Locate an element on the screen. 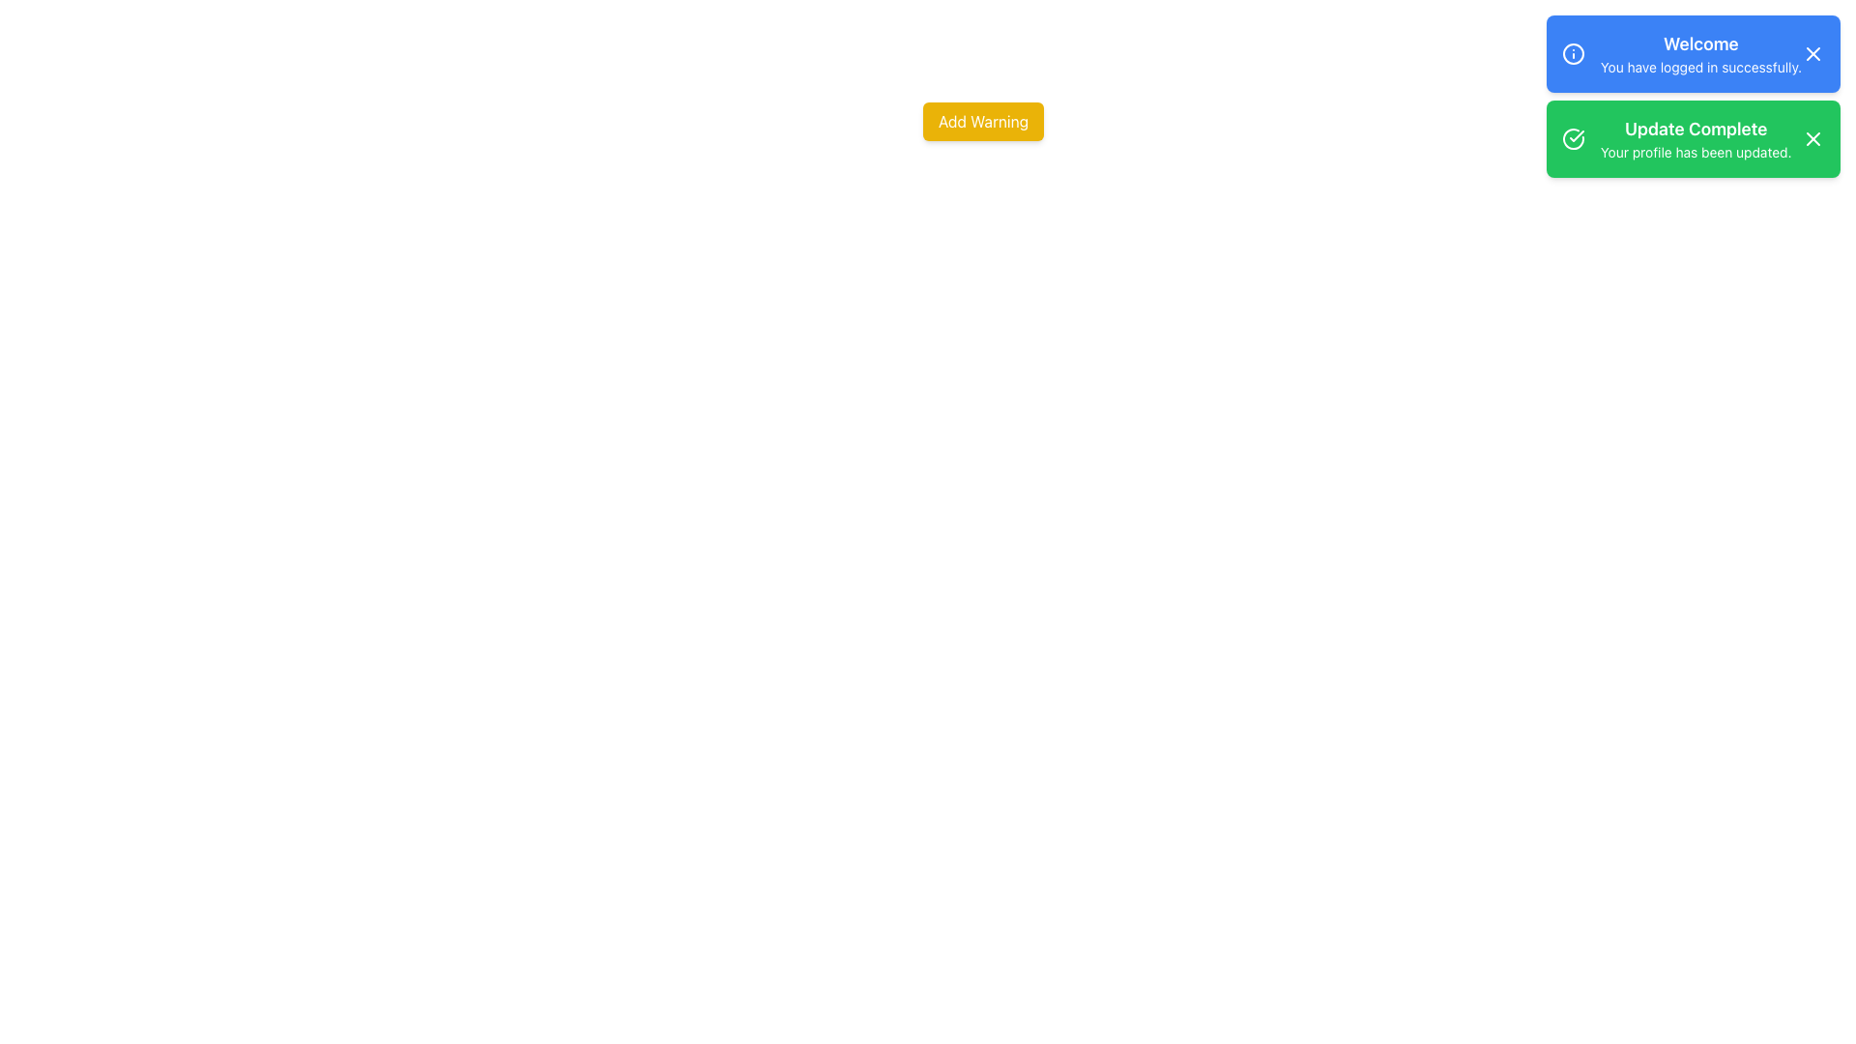  the close button (represented by an 'X') on the green notification box titled 'Update Complete' is located at coordinates (1692, 137).